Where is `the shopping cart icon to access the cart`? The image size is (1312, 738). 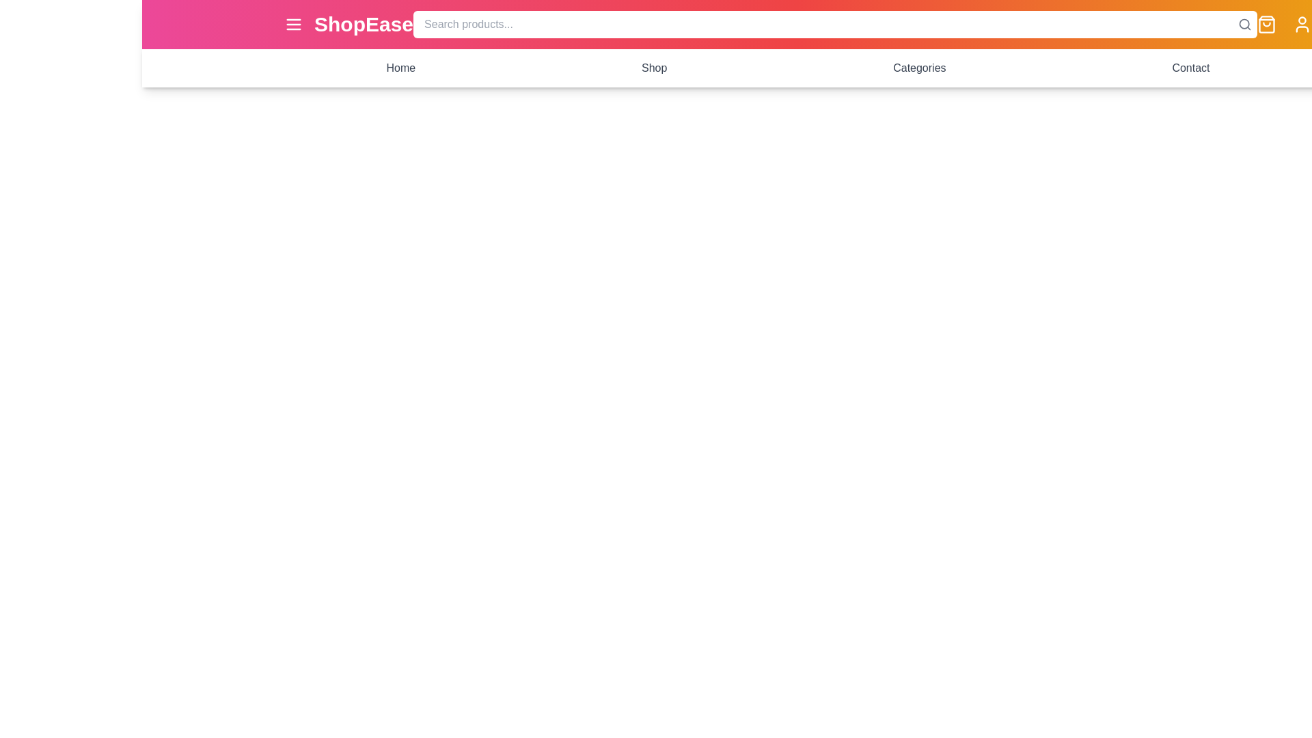 the shopping cart icon to access the cart is located at coordinates (1266, 24).